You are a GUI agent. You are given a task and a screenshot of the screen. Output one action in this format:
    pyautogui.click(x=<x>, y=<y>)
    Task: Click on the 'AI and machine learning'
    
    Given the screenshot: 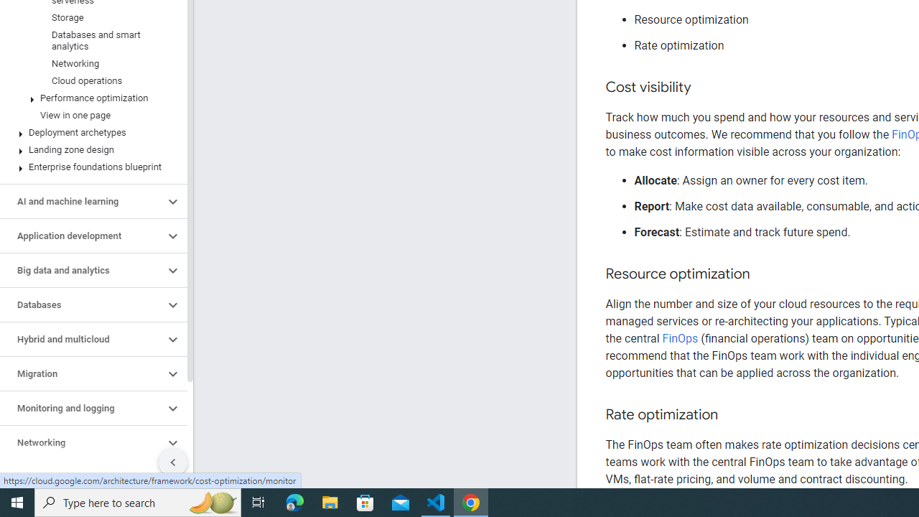 What is the action you would take?
    pyautogui.click(x=81, y=202)
    